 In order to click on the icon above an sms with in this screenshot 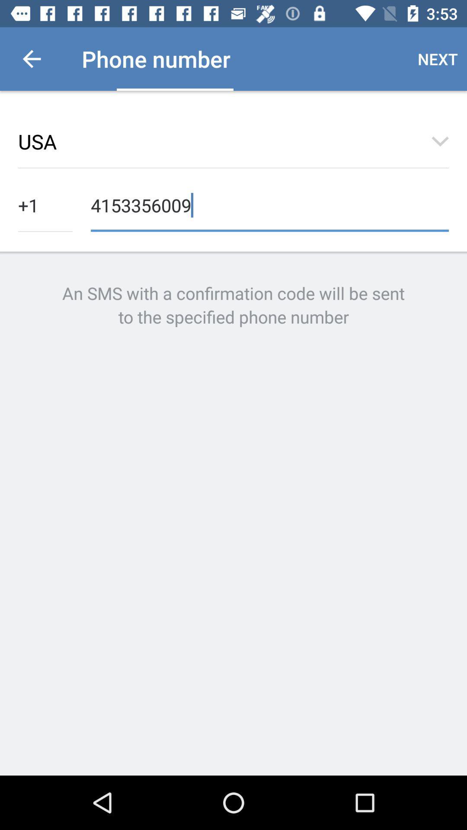, I will do `click(269, 204)`.